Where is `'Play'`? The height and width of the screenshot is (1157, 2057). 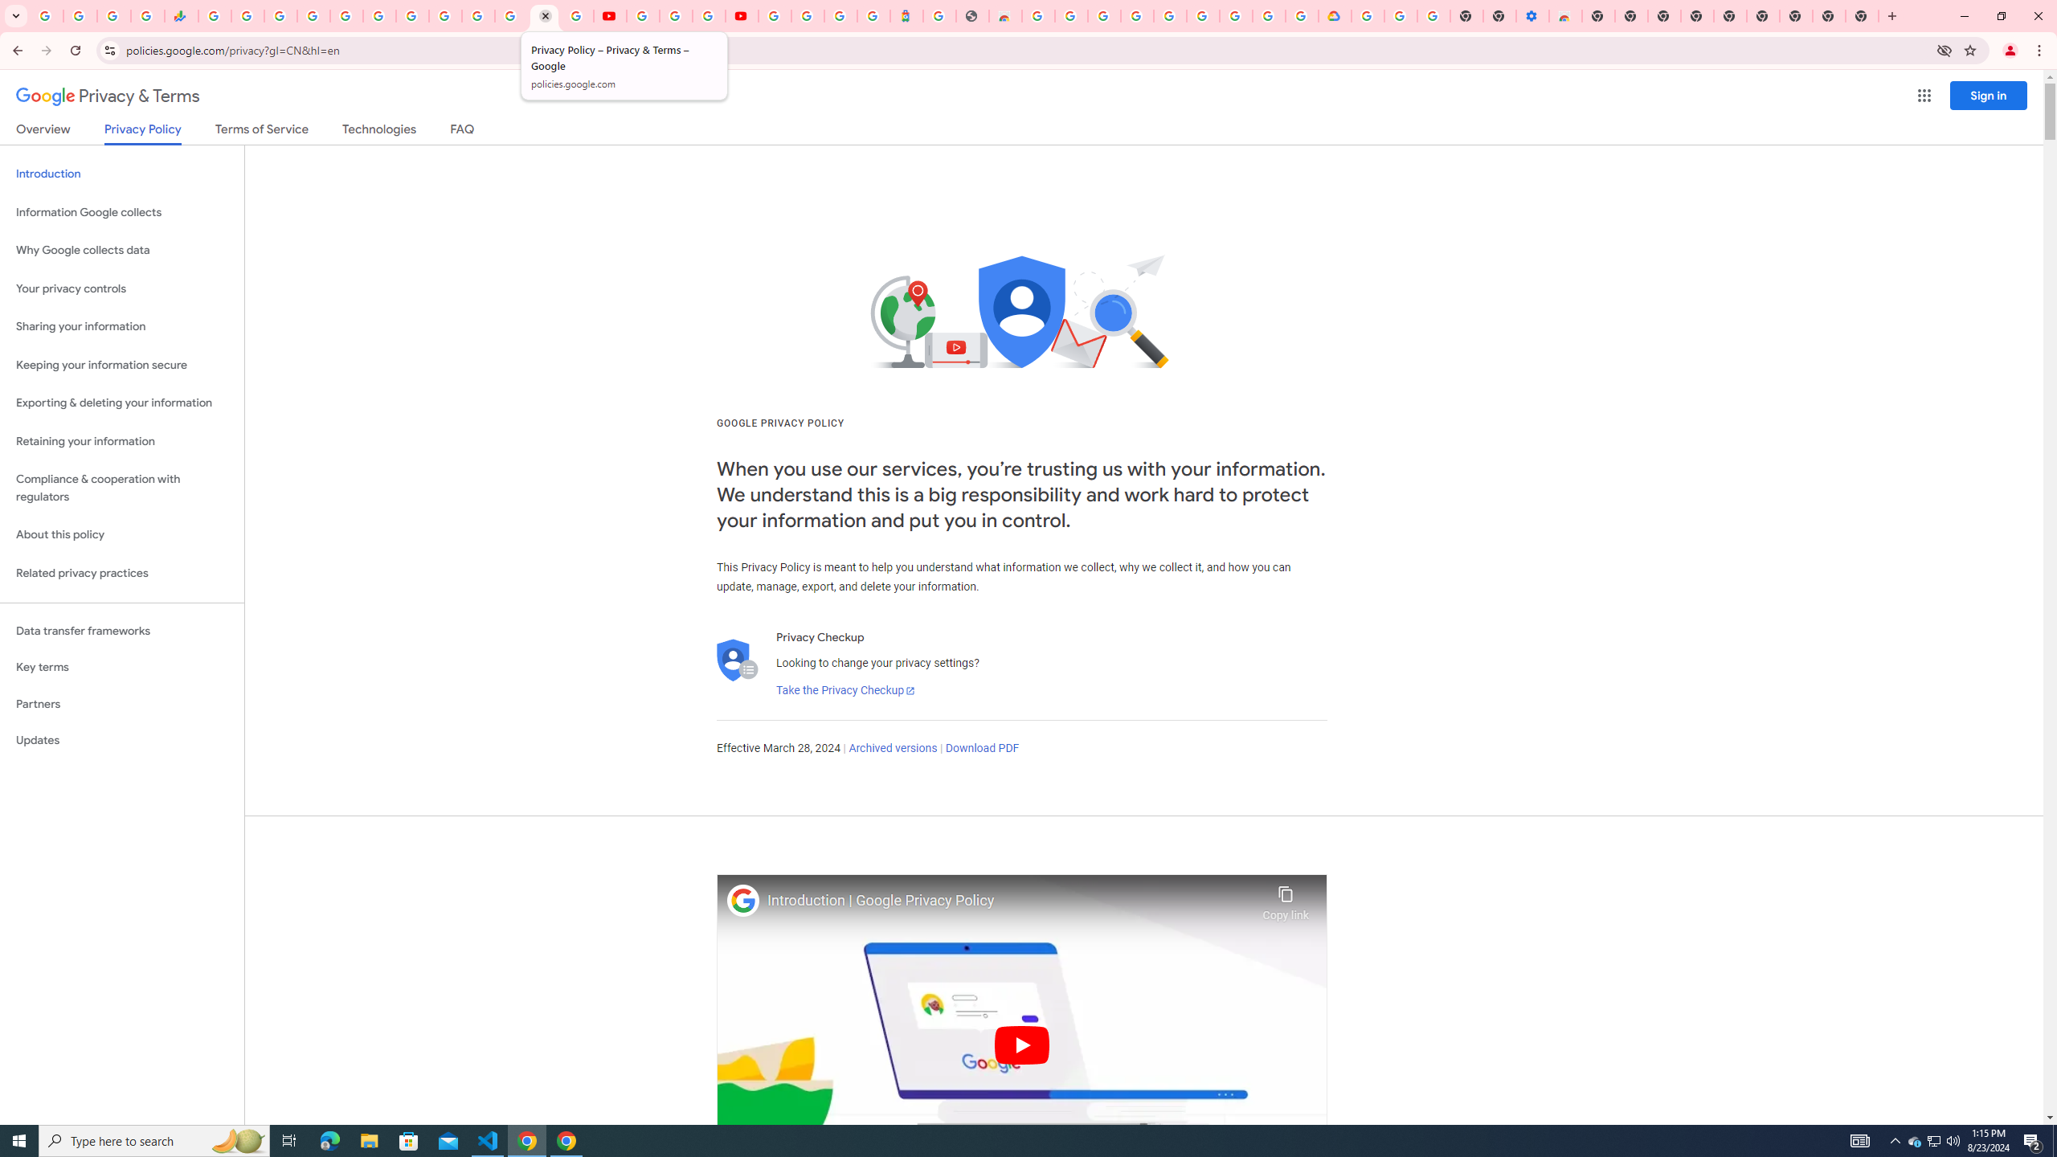 'Play' is located at coordinates (1021, 1044).